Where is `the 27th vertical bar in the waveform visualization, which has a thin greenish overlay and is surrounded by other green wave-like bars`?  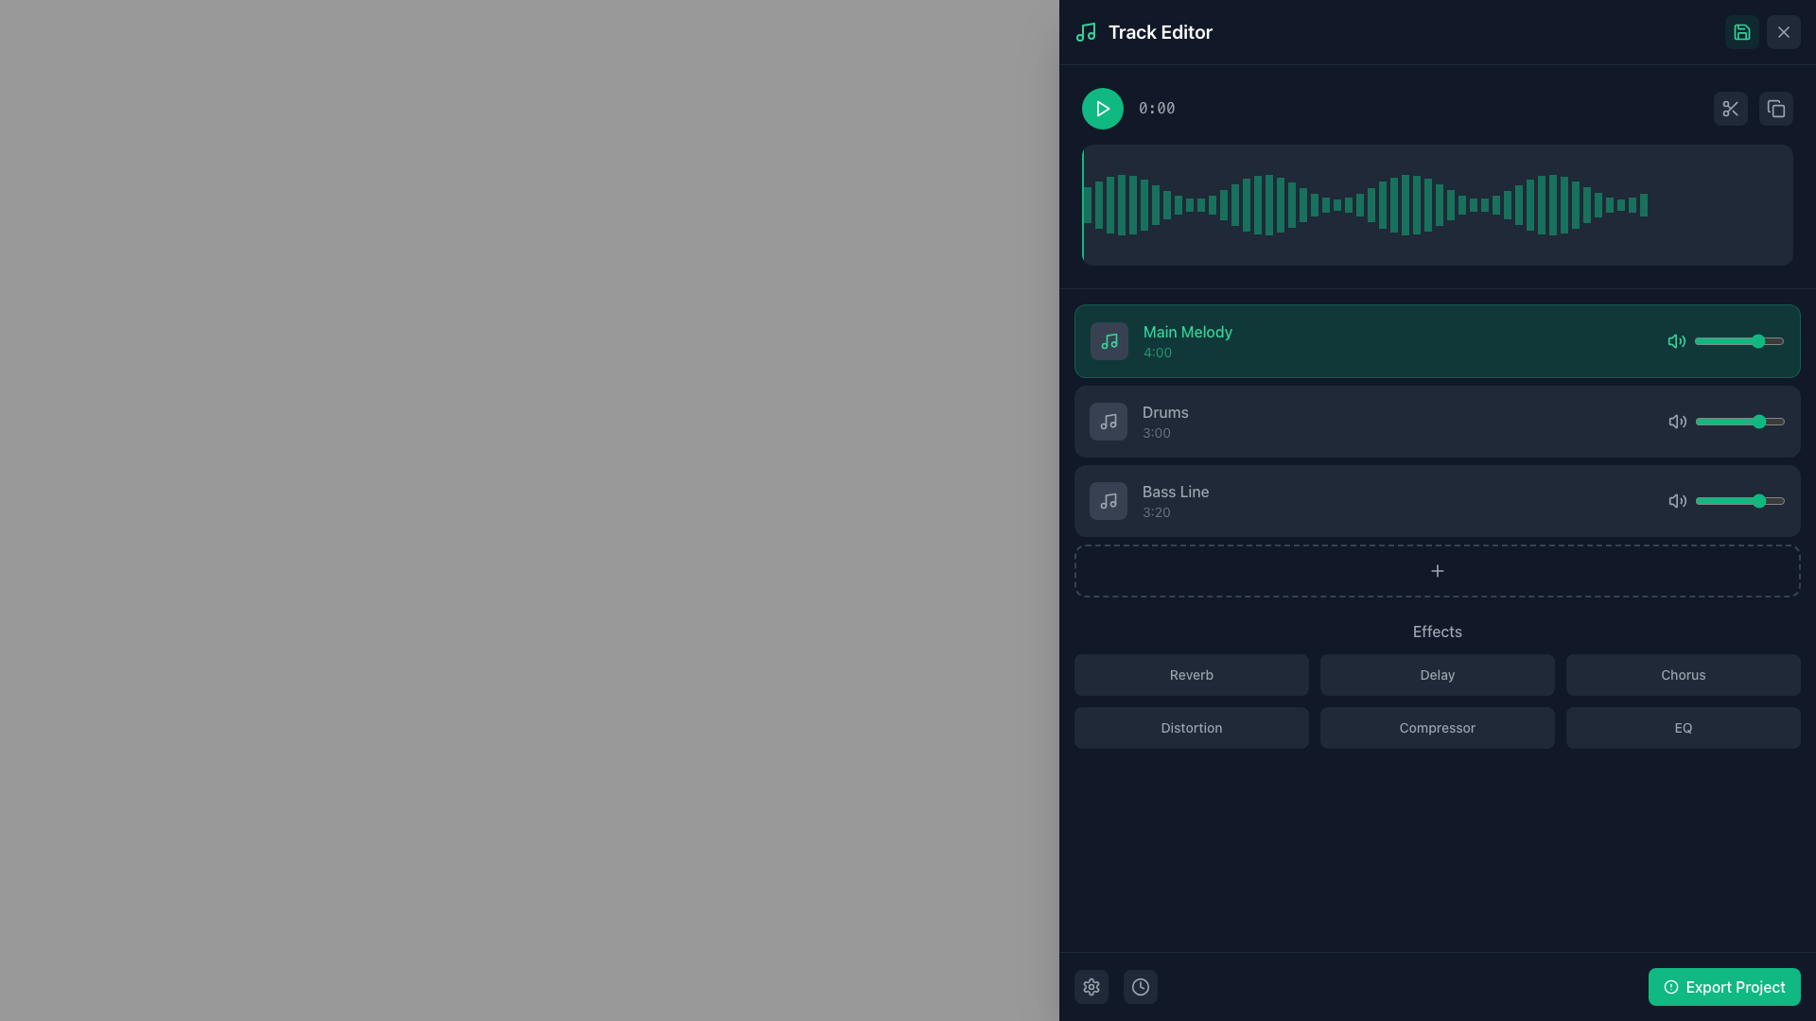 the 27th vertical bar in the waveform visualization, which has a thin greenish overlay and is surrounded by other green wave-like bars is located at coordinates (1371, 204).